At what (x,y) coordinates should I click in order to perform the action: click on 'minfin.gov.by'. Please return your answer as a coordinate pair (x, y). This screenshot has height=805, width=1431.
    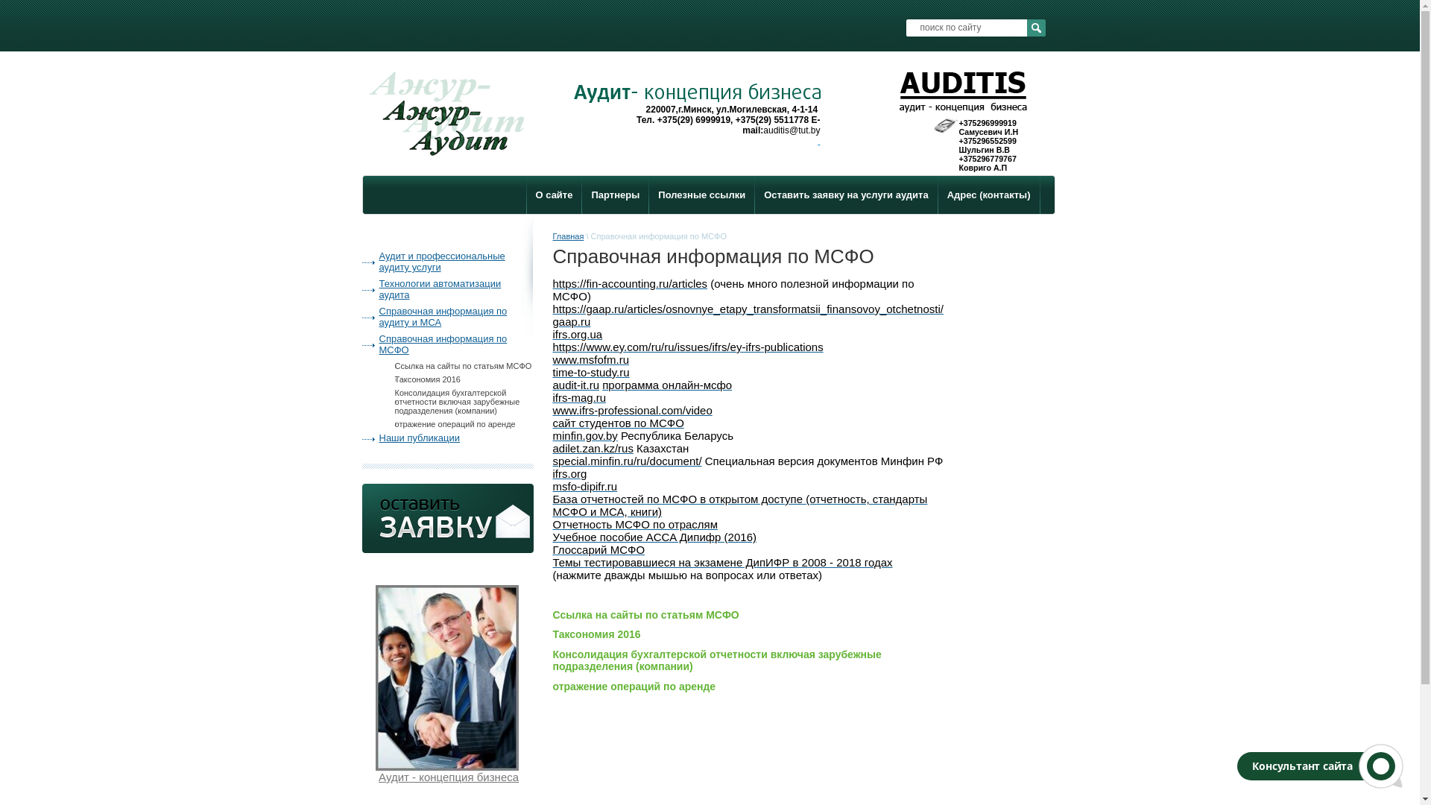
    Looking at the image, I should click on (584, 435).